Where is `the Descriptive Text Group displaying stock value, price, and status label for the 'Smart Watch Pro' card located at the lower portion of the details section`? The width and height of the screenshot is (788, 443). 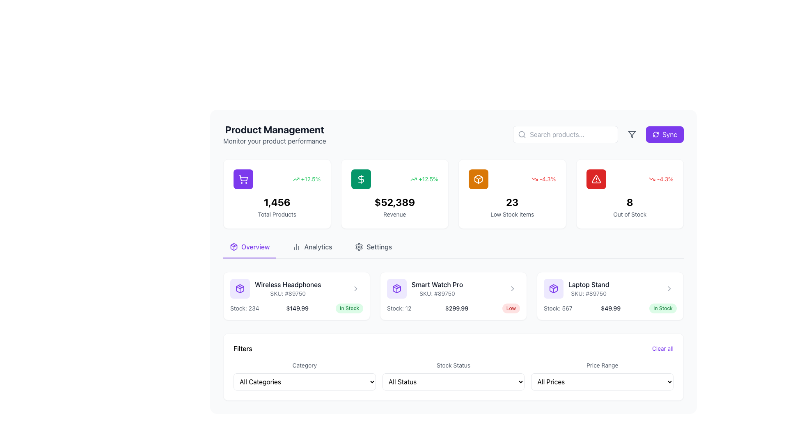
the Descriptive Text Group displaying stock value, price, and status label for the 'Smart Watch Pro' card located at the lower portion of the details section is located at coordinates (453, 308).